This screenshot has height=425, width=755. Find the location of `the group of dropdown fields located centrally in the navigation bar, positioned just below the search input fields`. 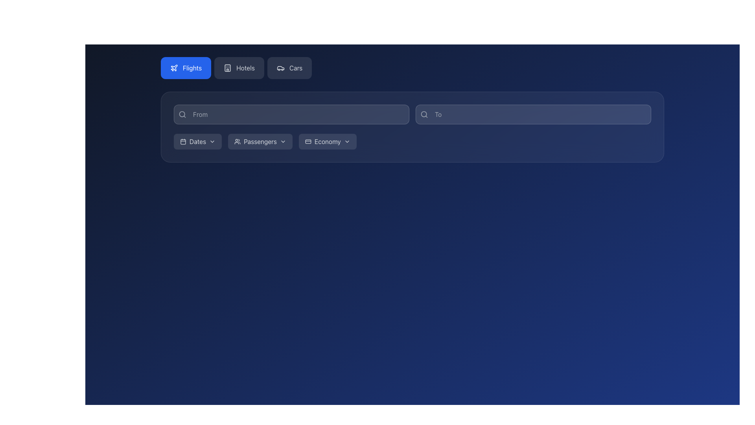

the group of dropdown fields located centrally in the navigation bar, positioned just below the search input fields is located at coordinates (412, 141).